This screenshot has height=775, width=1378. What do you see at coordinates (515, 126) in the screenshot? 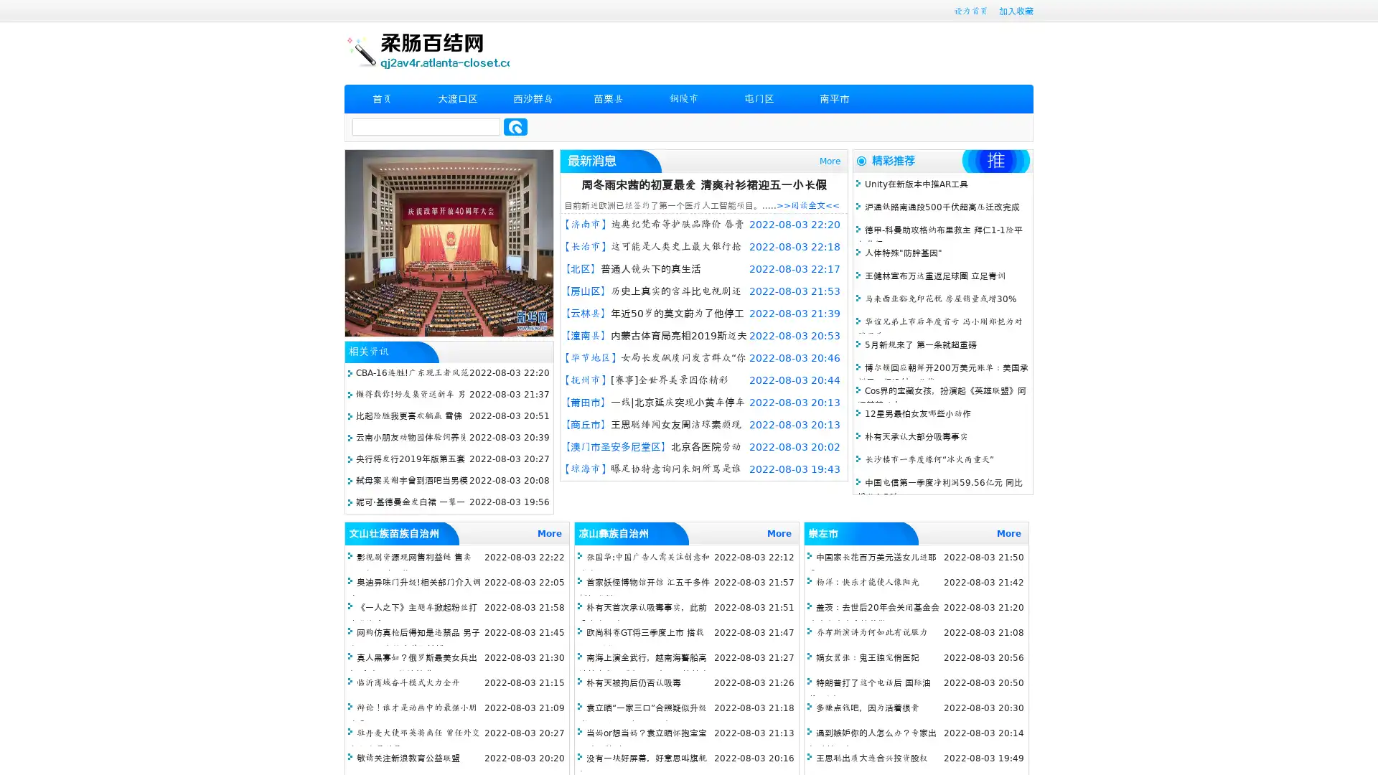
I see `Search` at bounding box center [515, 126].